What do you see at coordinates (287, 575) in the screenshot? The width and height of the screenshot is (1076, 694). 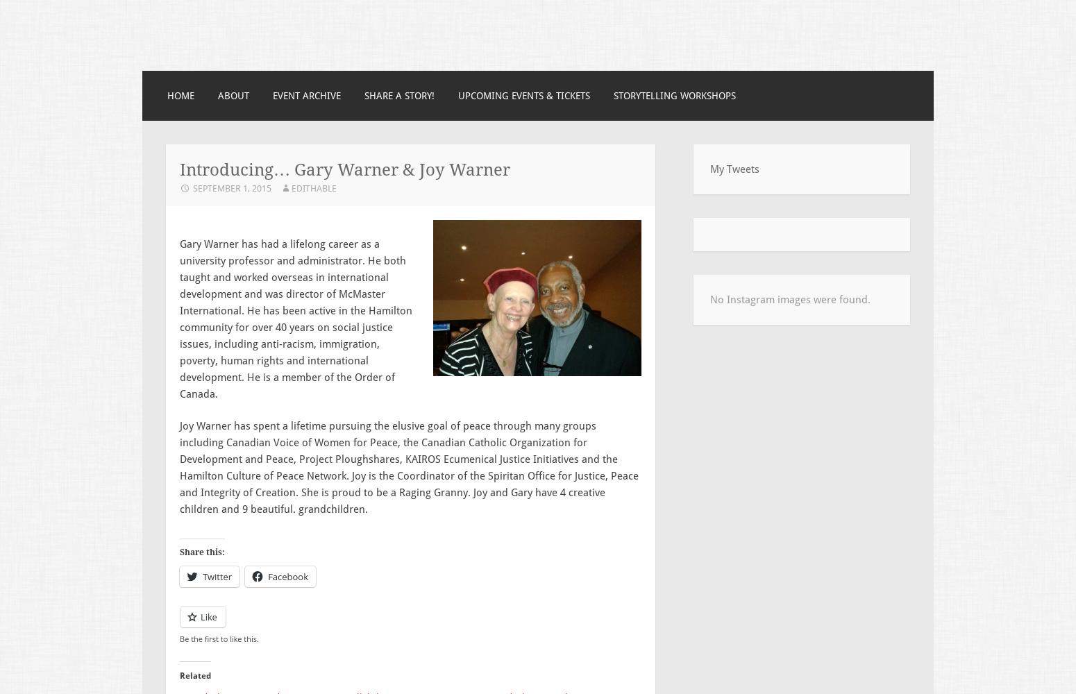 I see `'Facebook'` at bounding box center [287, 575].